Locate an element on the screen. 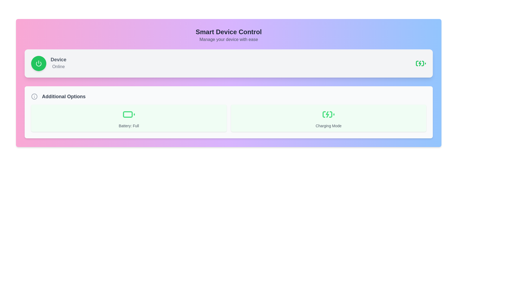 The image size is (520, 293). the static text label that indicates the device's name or category, located in the first row above the 'Online' text and near the green power button icon is located at coordinates (58, 59).